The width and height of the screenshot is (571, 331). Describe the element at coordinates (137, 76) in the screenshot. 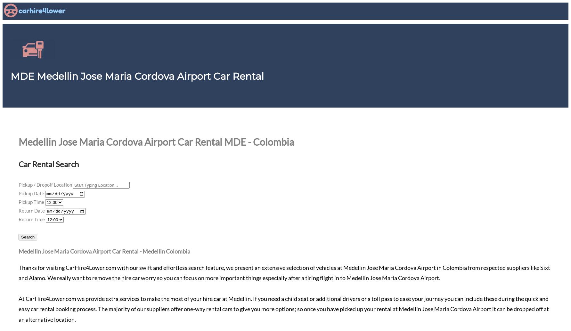

I see `'MDE Medellin Jose Maria Cordova Airport Car Rental'` at that location.